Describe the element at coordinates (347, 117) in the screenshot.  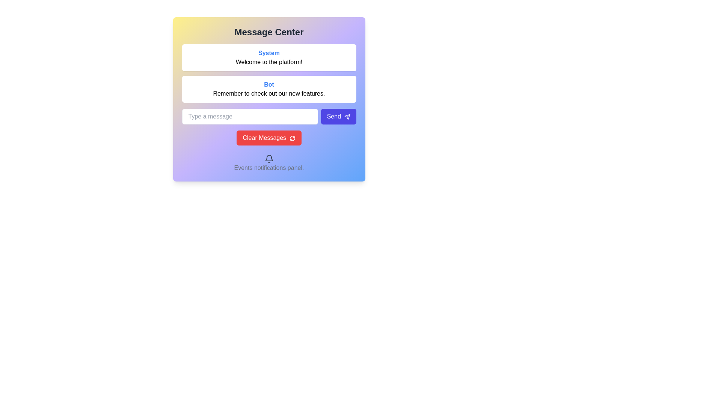
I see `the 'Send' button icon, which visually represents the action of sending a message, located on the right side of the input field in the message center interface` at that location.